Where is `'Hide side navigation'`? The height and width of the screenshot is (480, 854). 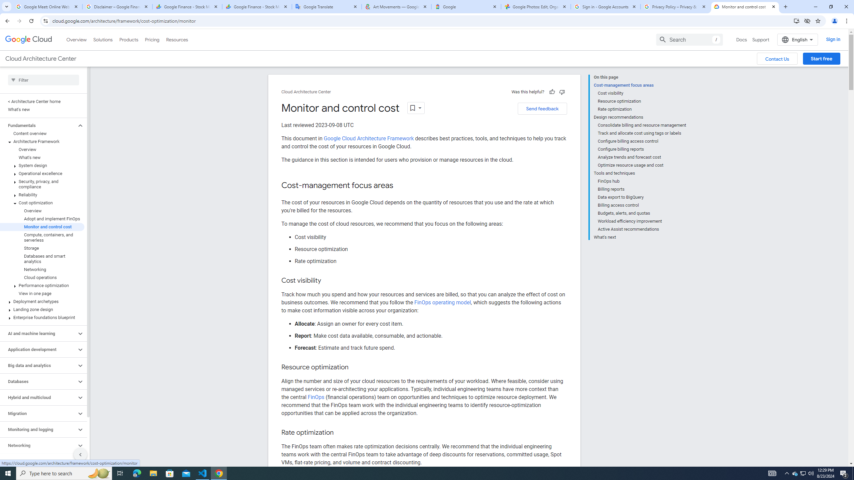
'Hide side navigation' is located at coordinates (80, 454).